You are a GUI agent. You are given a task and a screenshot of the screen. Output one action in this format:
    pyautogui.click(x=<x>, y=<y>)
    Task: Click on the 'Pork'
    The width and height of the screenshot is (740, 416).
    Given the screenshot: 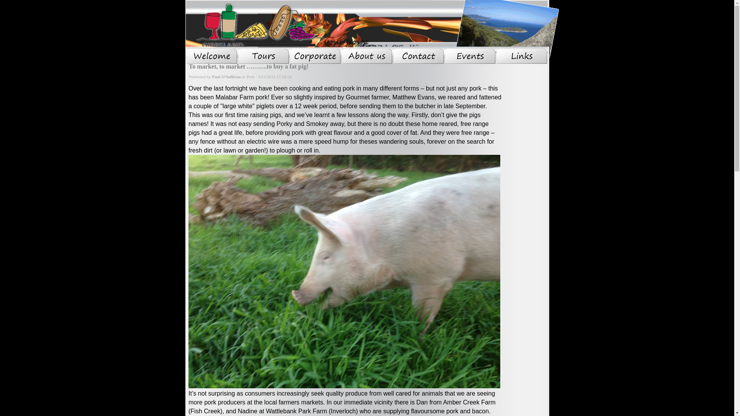 What is the action you would take?
    pyautogui.click(x=251, y=77)
    